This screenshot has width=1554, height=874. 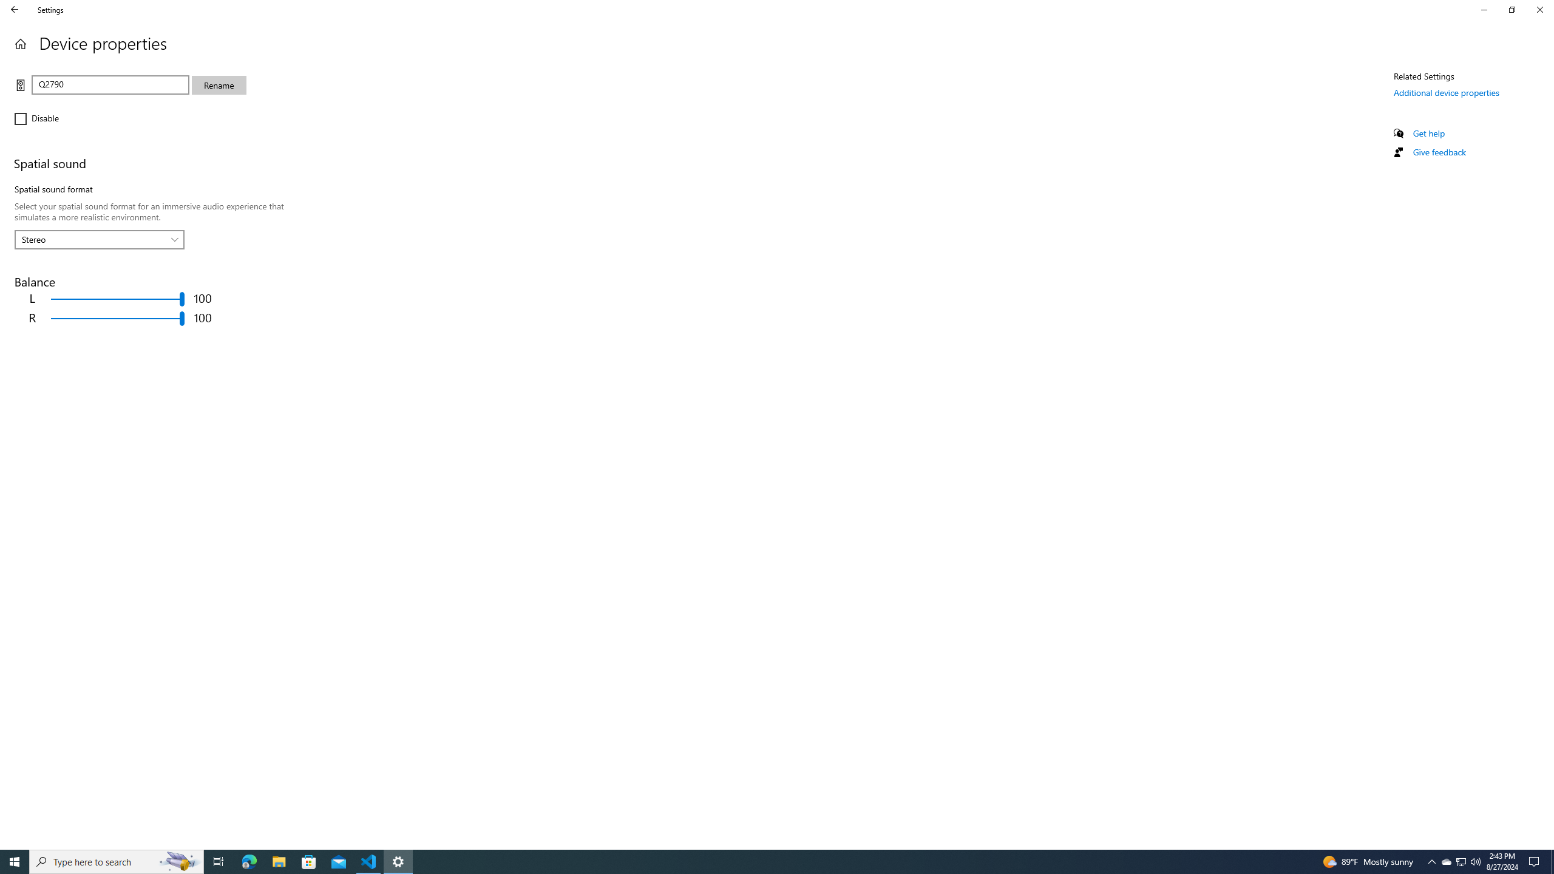 I want to click on 'Text box to change device name', so click(x=109, y=84).